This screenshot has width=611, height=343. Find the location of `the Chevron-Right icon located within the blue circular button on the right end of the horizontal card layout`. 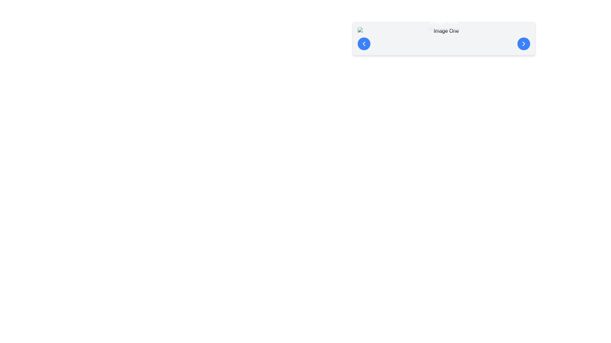

the Chevron-Right icon located within the blue circular button on the right end of the horizontal card layout is located at coordinates (523, 44).